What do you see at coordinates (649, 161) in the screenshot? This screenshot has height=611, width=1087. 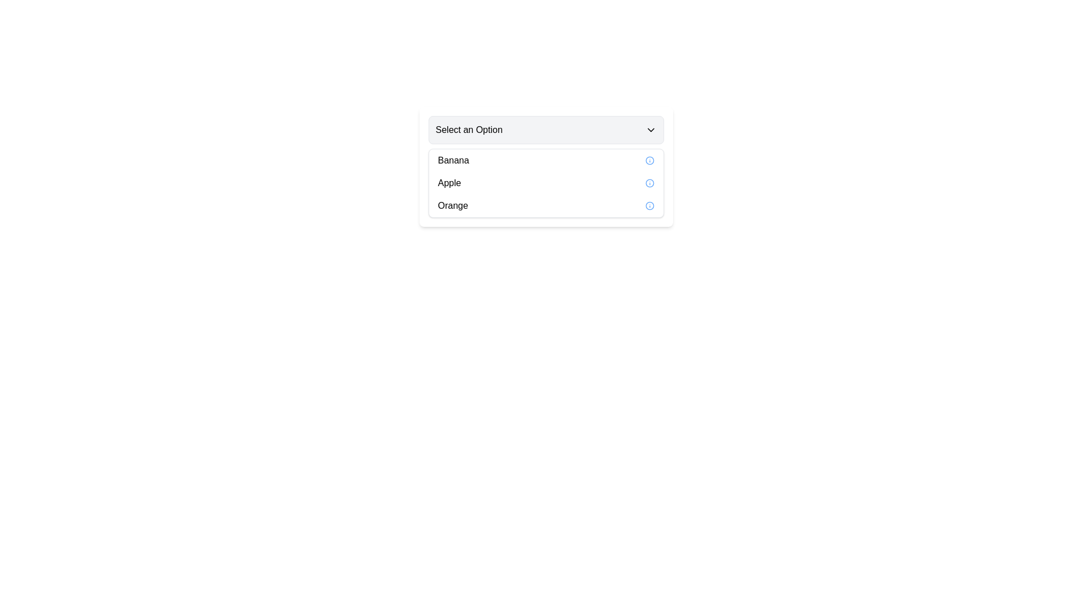 I see `the info icon represented by a small blue circle with an 'i' character, located next to the text 'Banana' in the dropdown list` at bounding box center [649, 161].